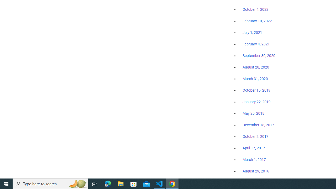  Describe the element at coordinates (256, 171) in the screenshot. I see `'August 29, 2016'` at that location.